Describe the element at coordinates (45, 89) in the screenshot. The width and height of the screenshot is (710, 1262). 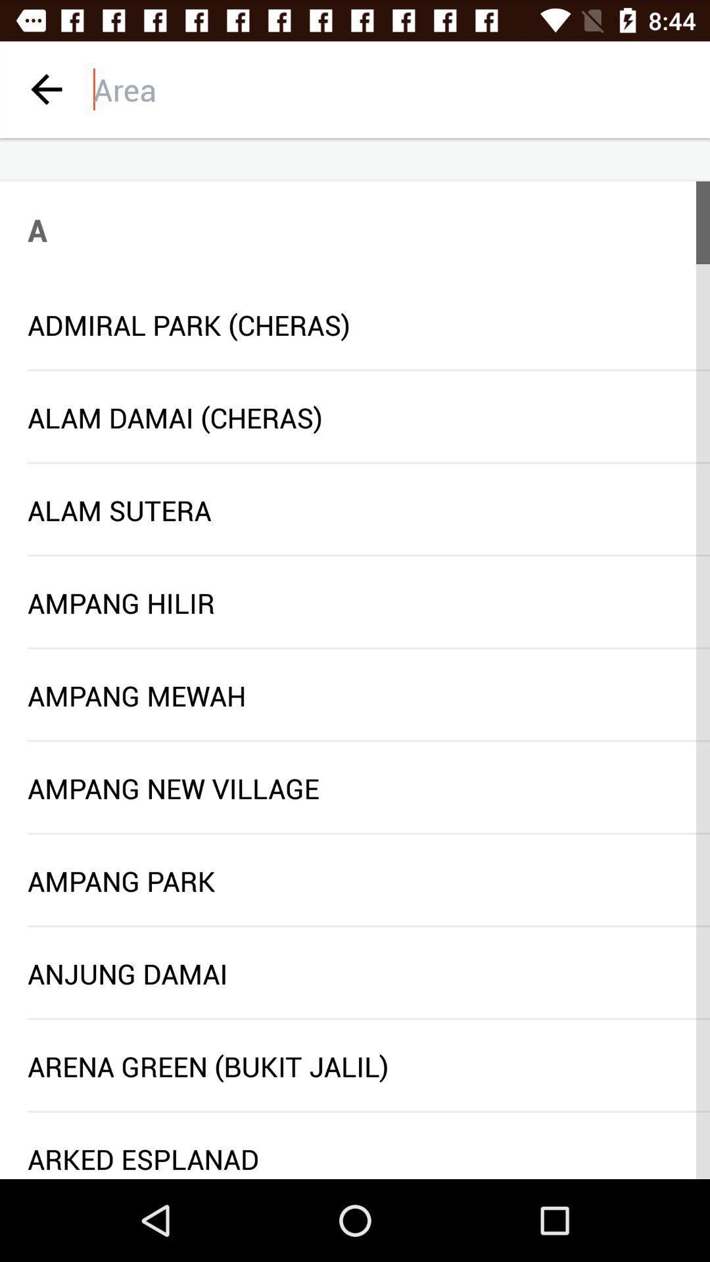
I see `go back` at that location.